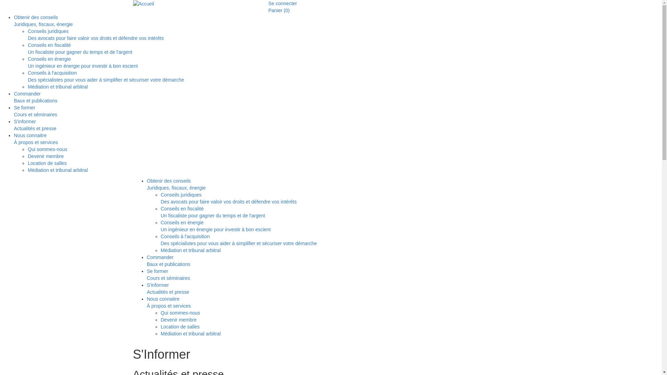 This screenshot has height=375, width=667. I want to click on 'Se connecter', so click(282, 3).